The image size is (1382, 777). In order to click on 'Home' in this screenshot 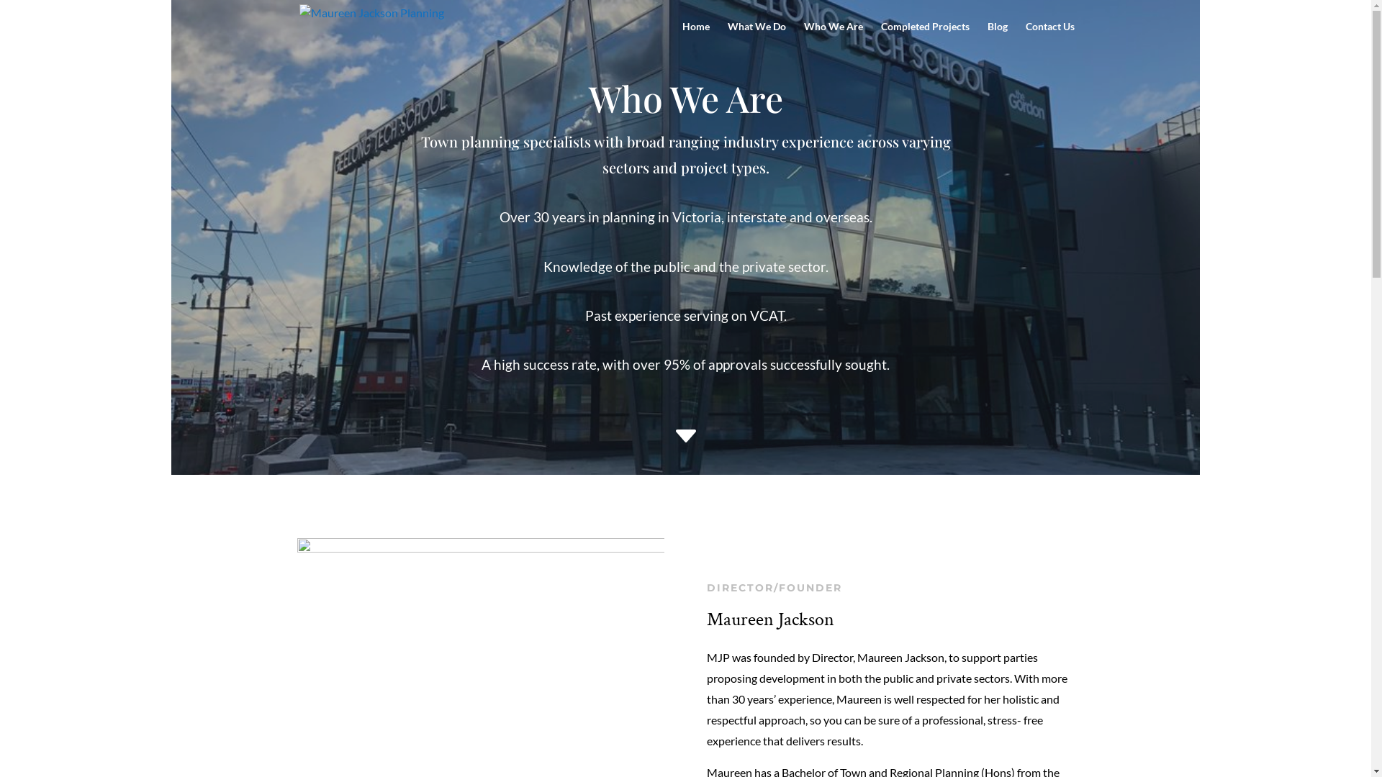, I will do `click(695, 36)`.